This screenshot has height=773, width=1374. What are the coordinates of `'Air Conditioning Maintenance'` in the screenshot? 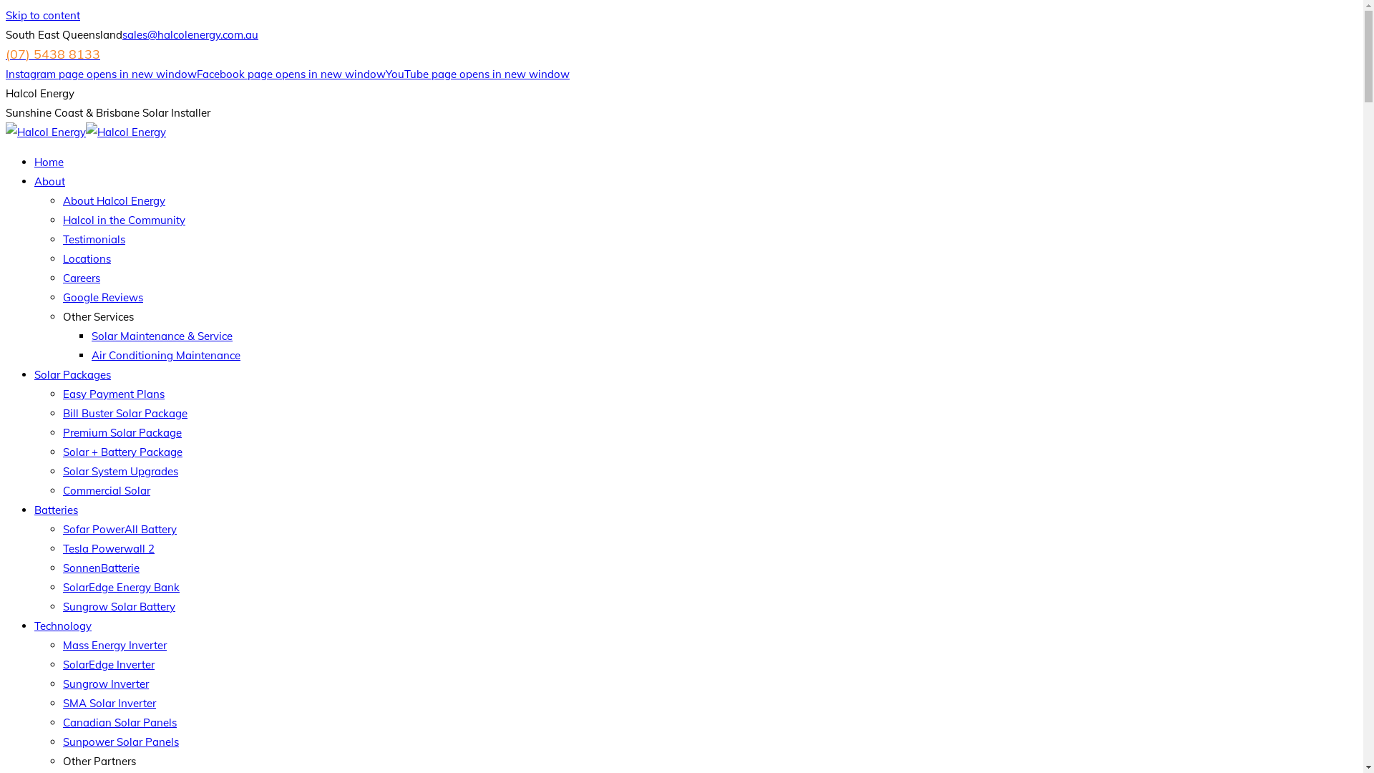 It's located at (165, 354).